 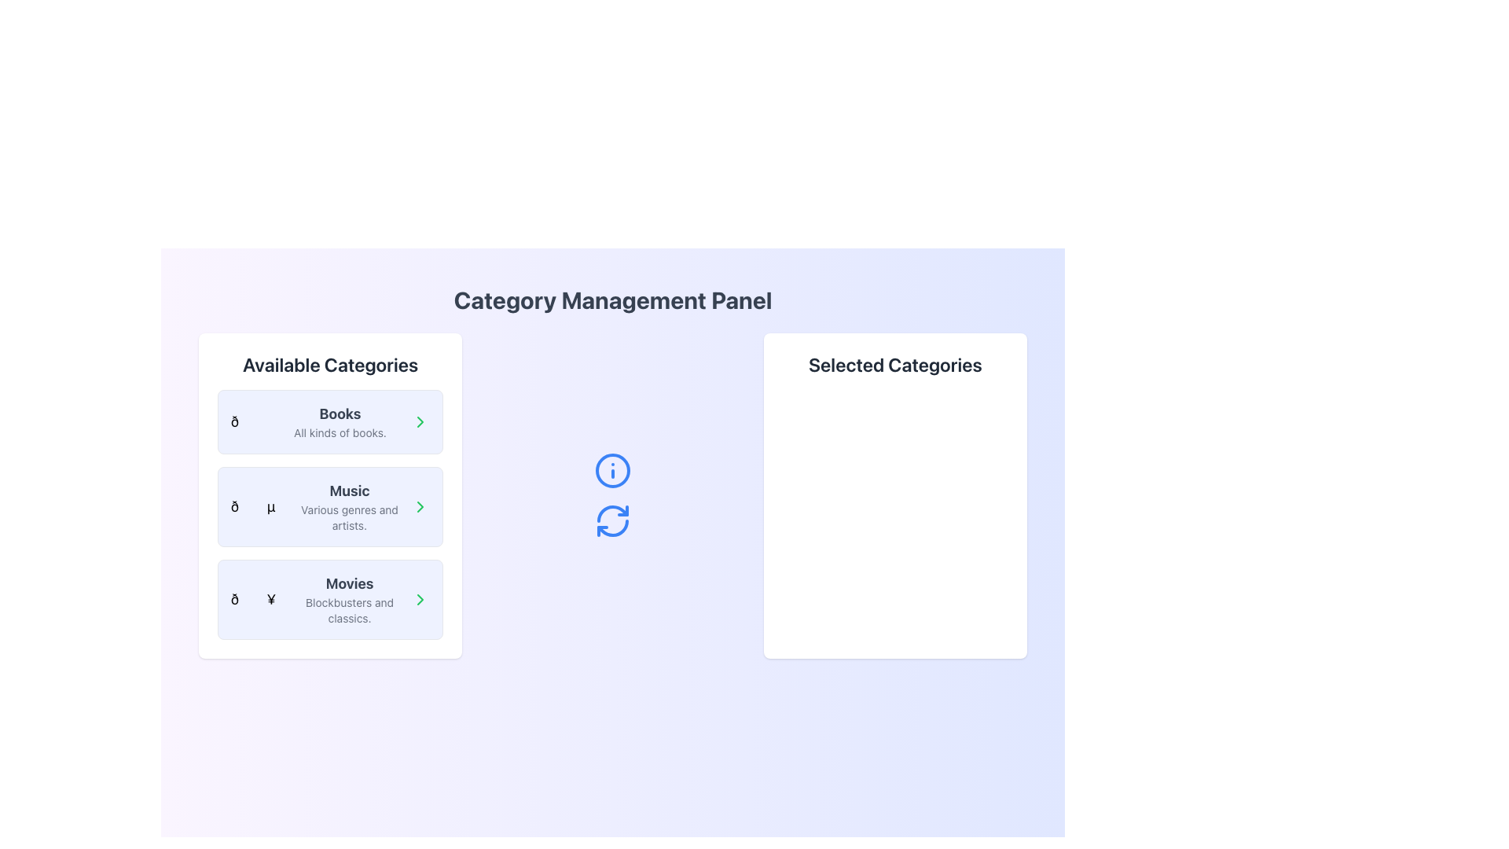 I want to click on the navigation button located at the far right of the 'Books' card in the Available Categories section, so click(x=420, y=421).